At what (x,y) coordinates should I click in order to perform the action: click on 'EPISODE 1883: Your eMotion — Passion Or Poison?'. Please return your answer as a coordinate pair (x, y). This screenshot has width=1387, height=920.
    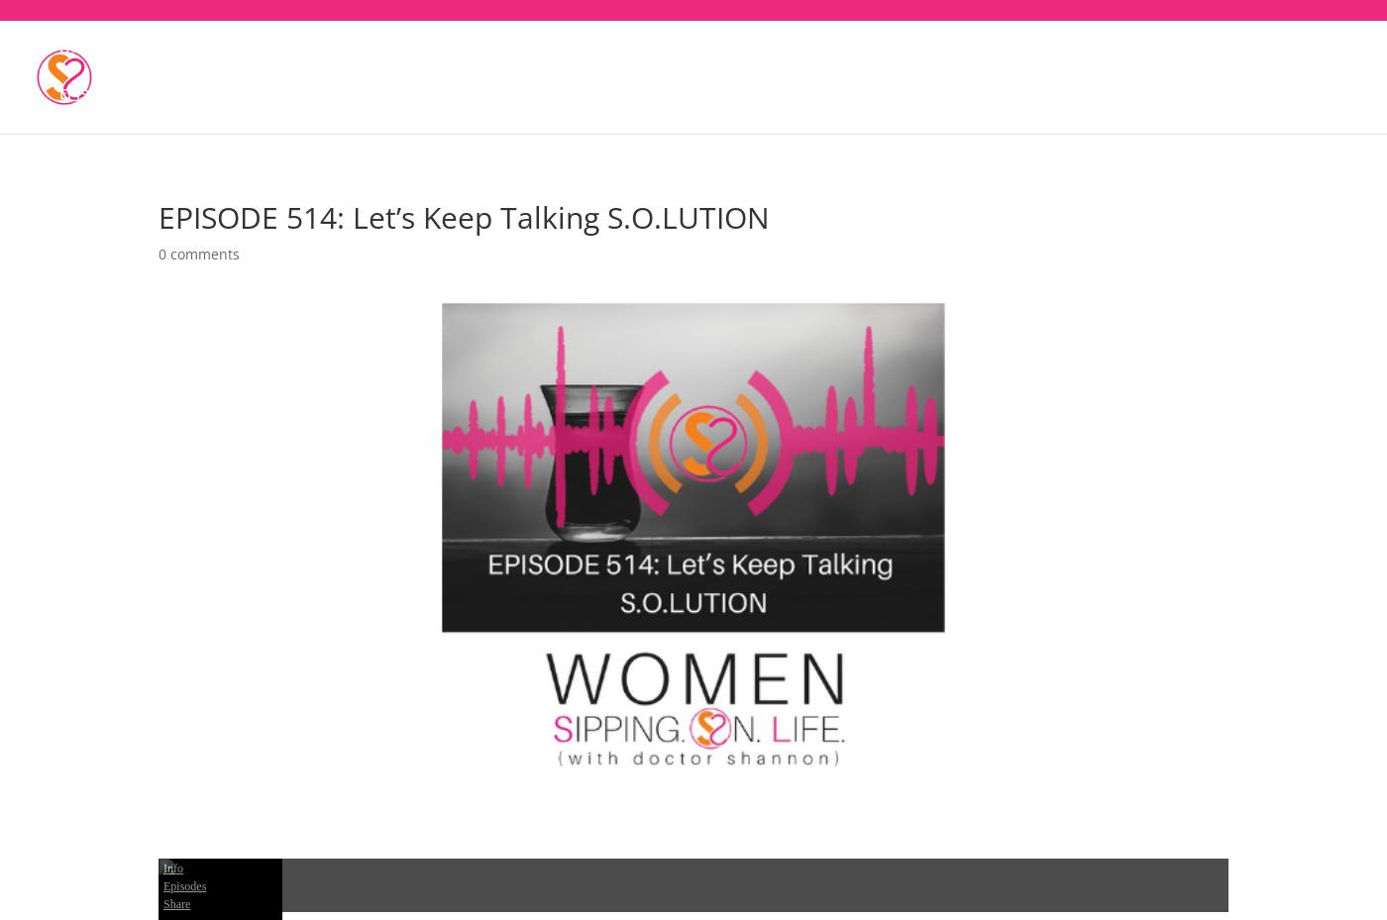
    Looking at the image, I should click on (232, 106).